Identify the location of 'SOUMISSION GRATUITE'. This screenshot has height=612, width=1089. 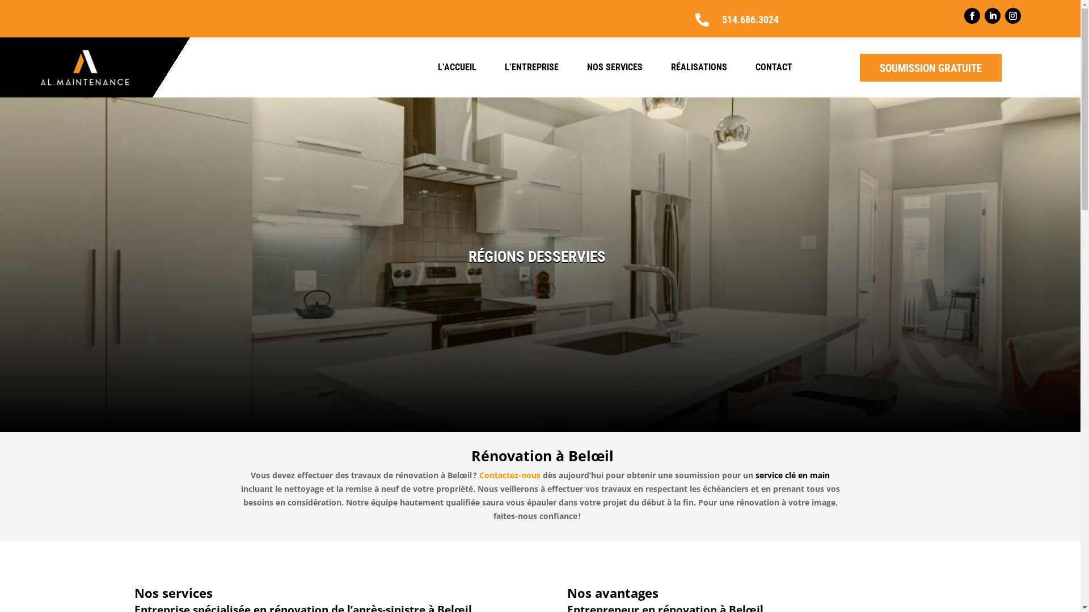
(931, 67).